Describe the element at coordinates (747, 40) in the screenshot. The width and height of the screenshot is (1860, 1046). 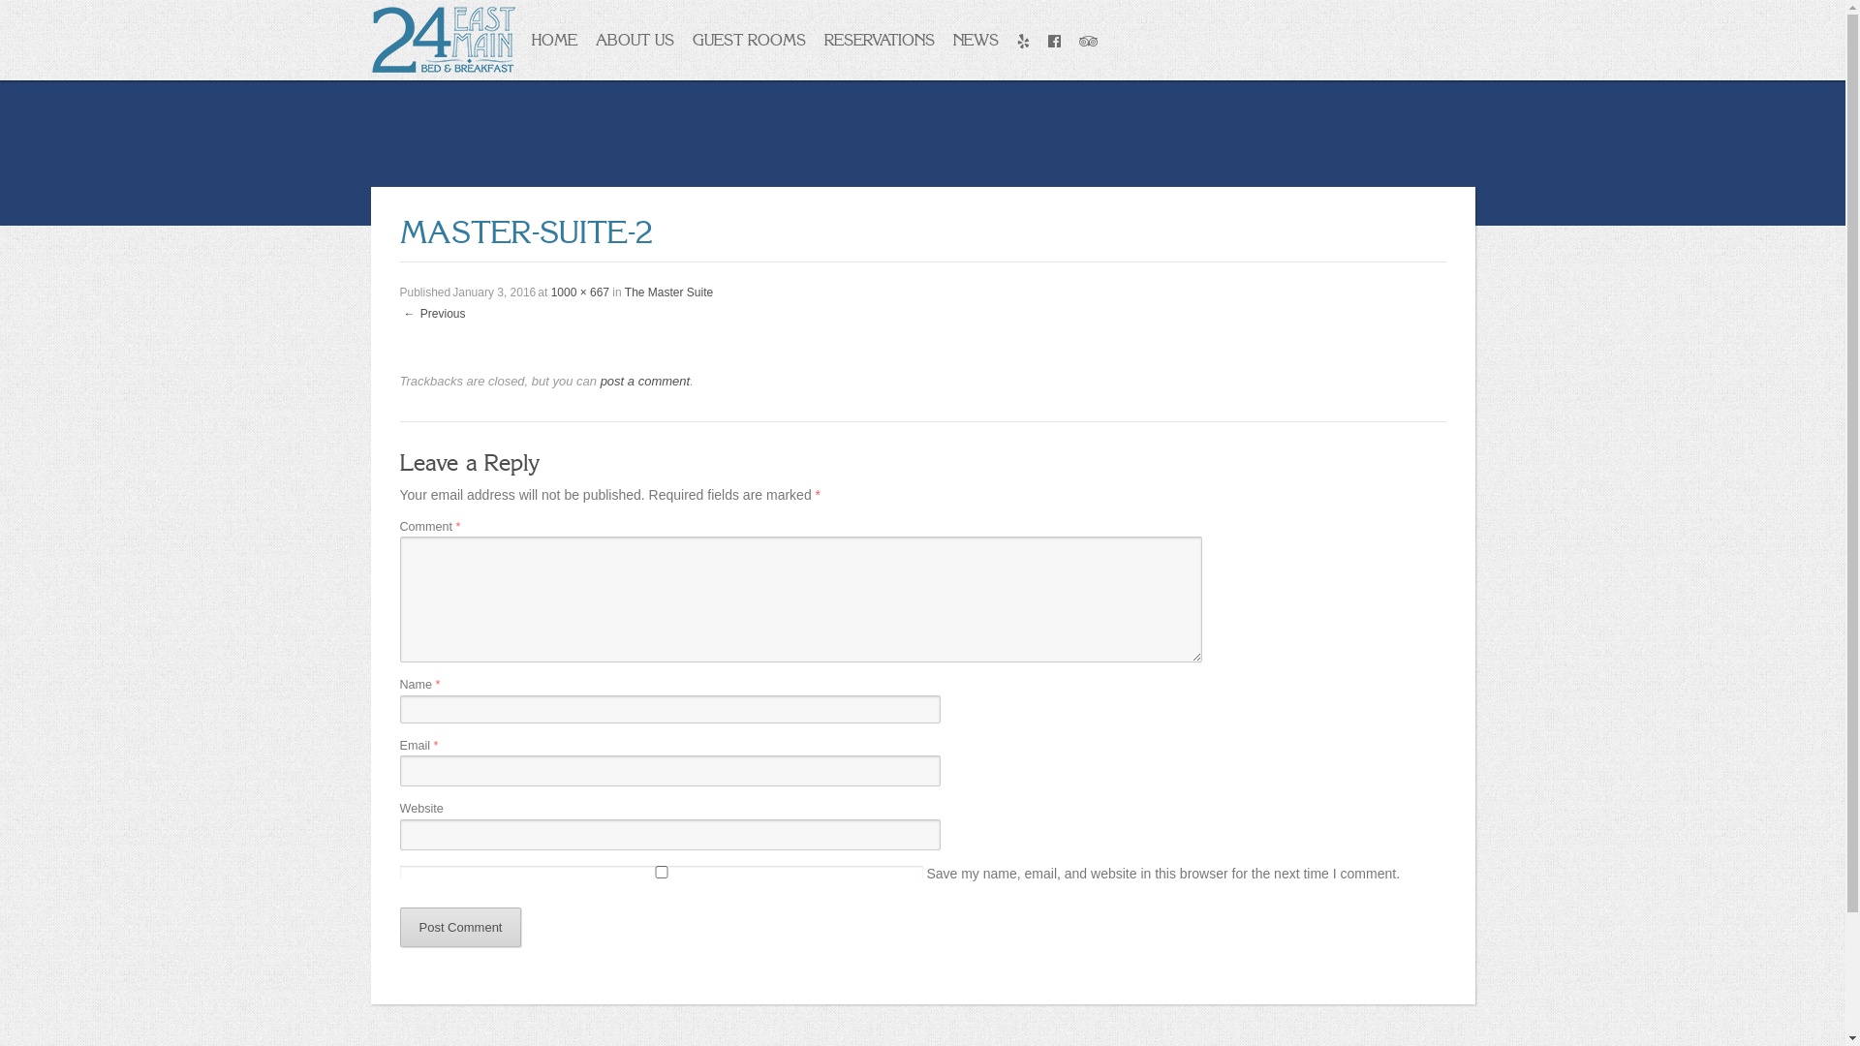
I see `'GUEST ROOMS'` at that location.